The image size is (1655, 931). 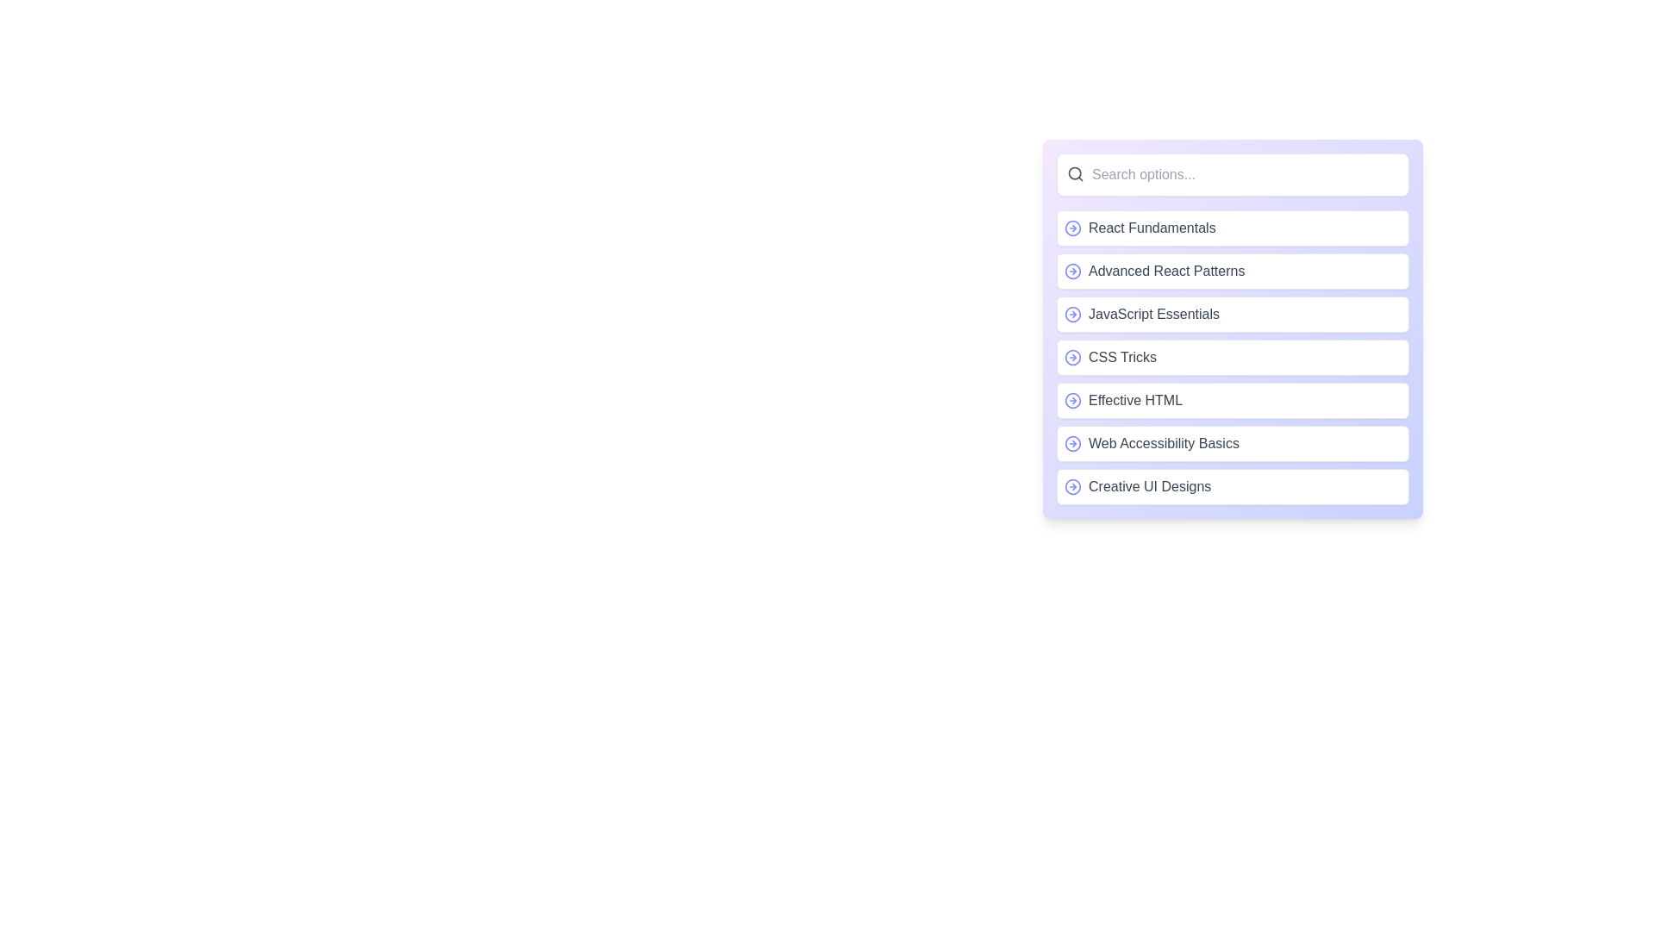 What do you see at coordinates (1074, 173) in the screenshot?
I see `the circle element within the magnifying glass icon located in the leftmost area of the rectangular search bar at the top of the right pane` at bounding box center [1074, 173].